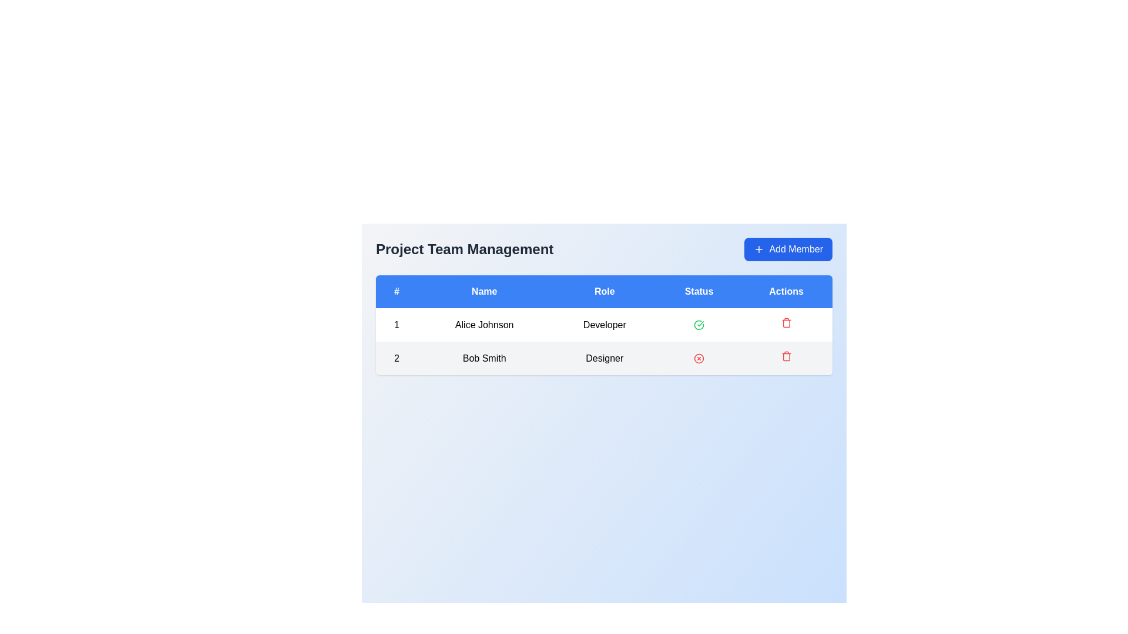  Describe the element at coordinates (605, 291) in the screenshot. I see `the text label displaying 'Role', which is located in the header row of the table, between 'Name' and 'Status'` at that location.